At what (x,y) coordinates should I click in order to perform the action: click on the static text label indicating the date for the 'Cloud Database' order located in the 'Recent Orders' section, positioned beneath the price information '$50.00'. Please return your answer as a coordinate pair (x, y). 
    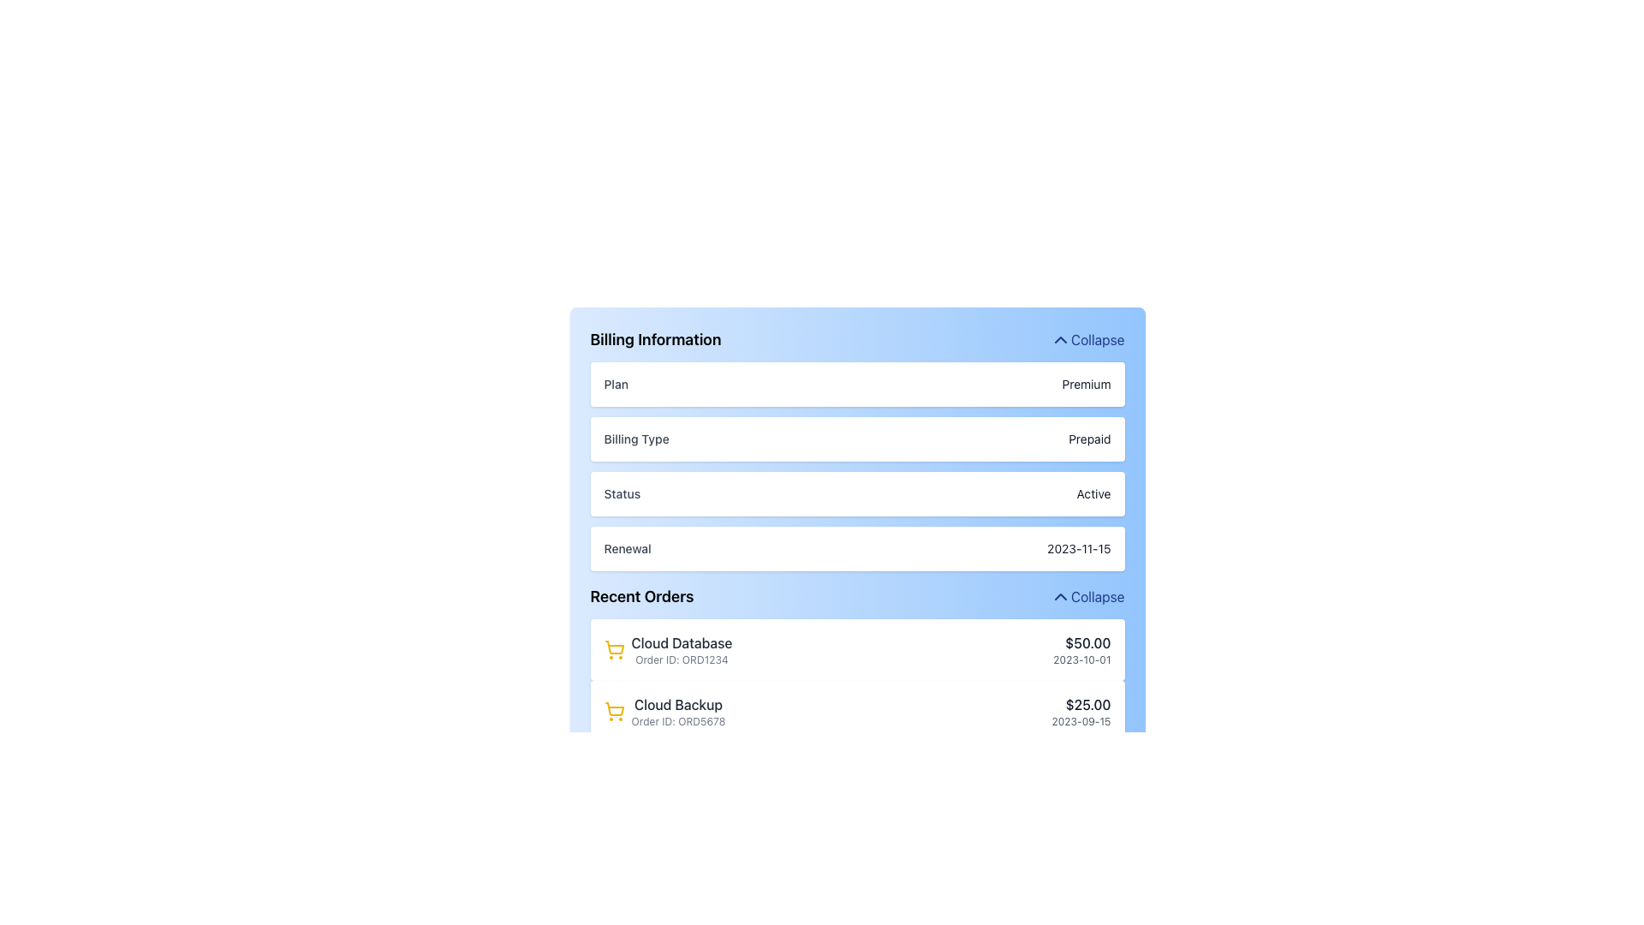
    Looking at the image, I should click on (1081, 659).